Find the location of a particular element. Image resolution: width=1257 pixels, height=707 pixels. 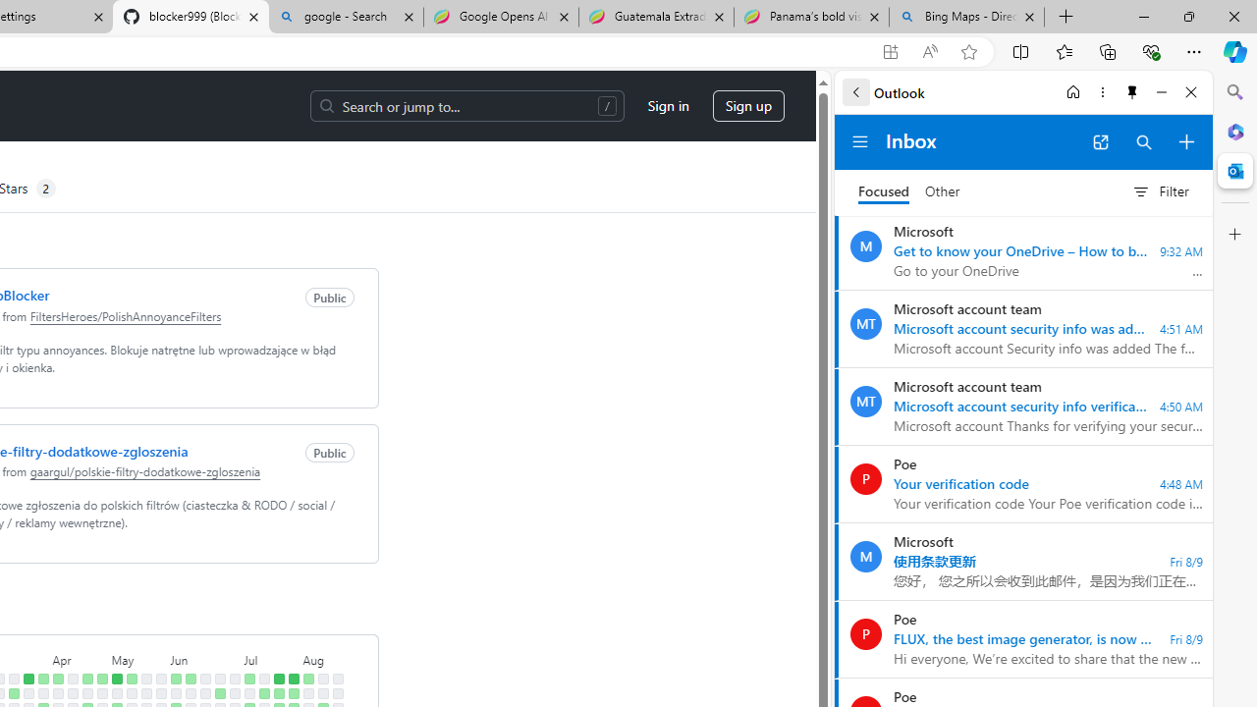

'No contributions on April 14th.' is located at coordinates (72, 678).